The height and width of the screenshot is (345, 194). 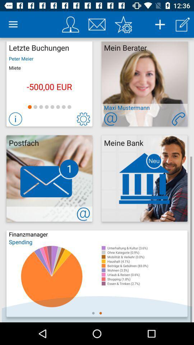 I want to click on contact through email, so click(x=97, y=24).